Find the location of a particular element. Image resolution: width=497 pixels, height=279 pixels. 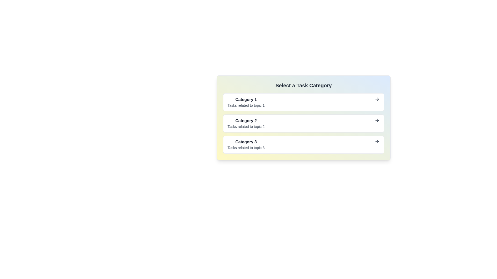

text content of the multi-line text label displaying 'Category 3' and its description 'Tasks related to topic 3', which is the third item in the list under the card 'Select a Task Category' is located at coordinates (246, 144).